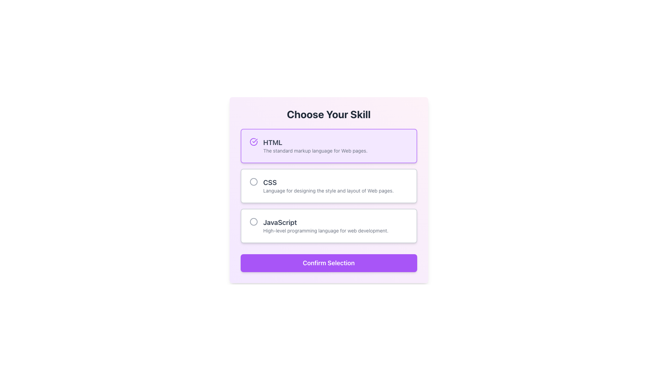 The width and height of the screenshot is (662, 372). Describe the element at coordinates (315, 151) in the screenshot. I see `the text label that contains the description 'The standard markup language for Web pages.' located below the heading 'HTML' in the skill options section` at that location.